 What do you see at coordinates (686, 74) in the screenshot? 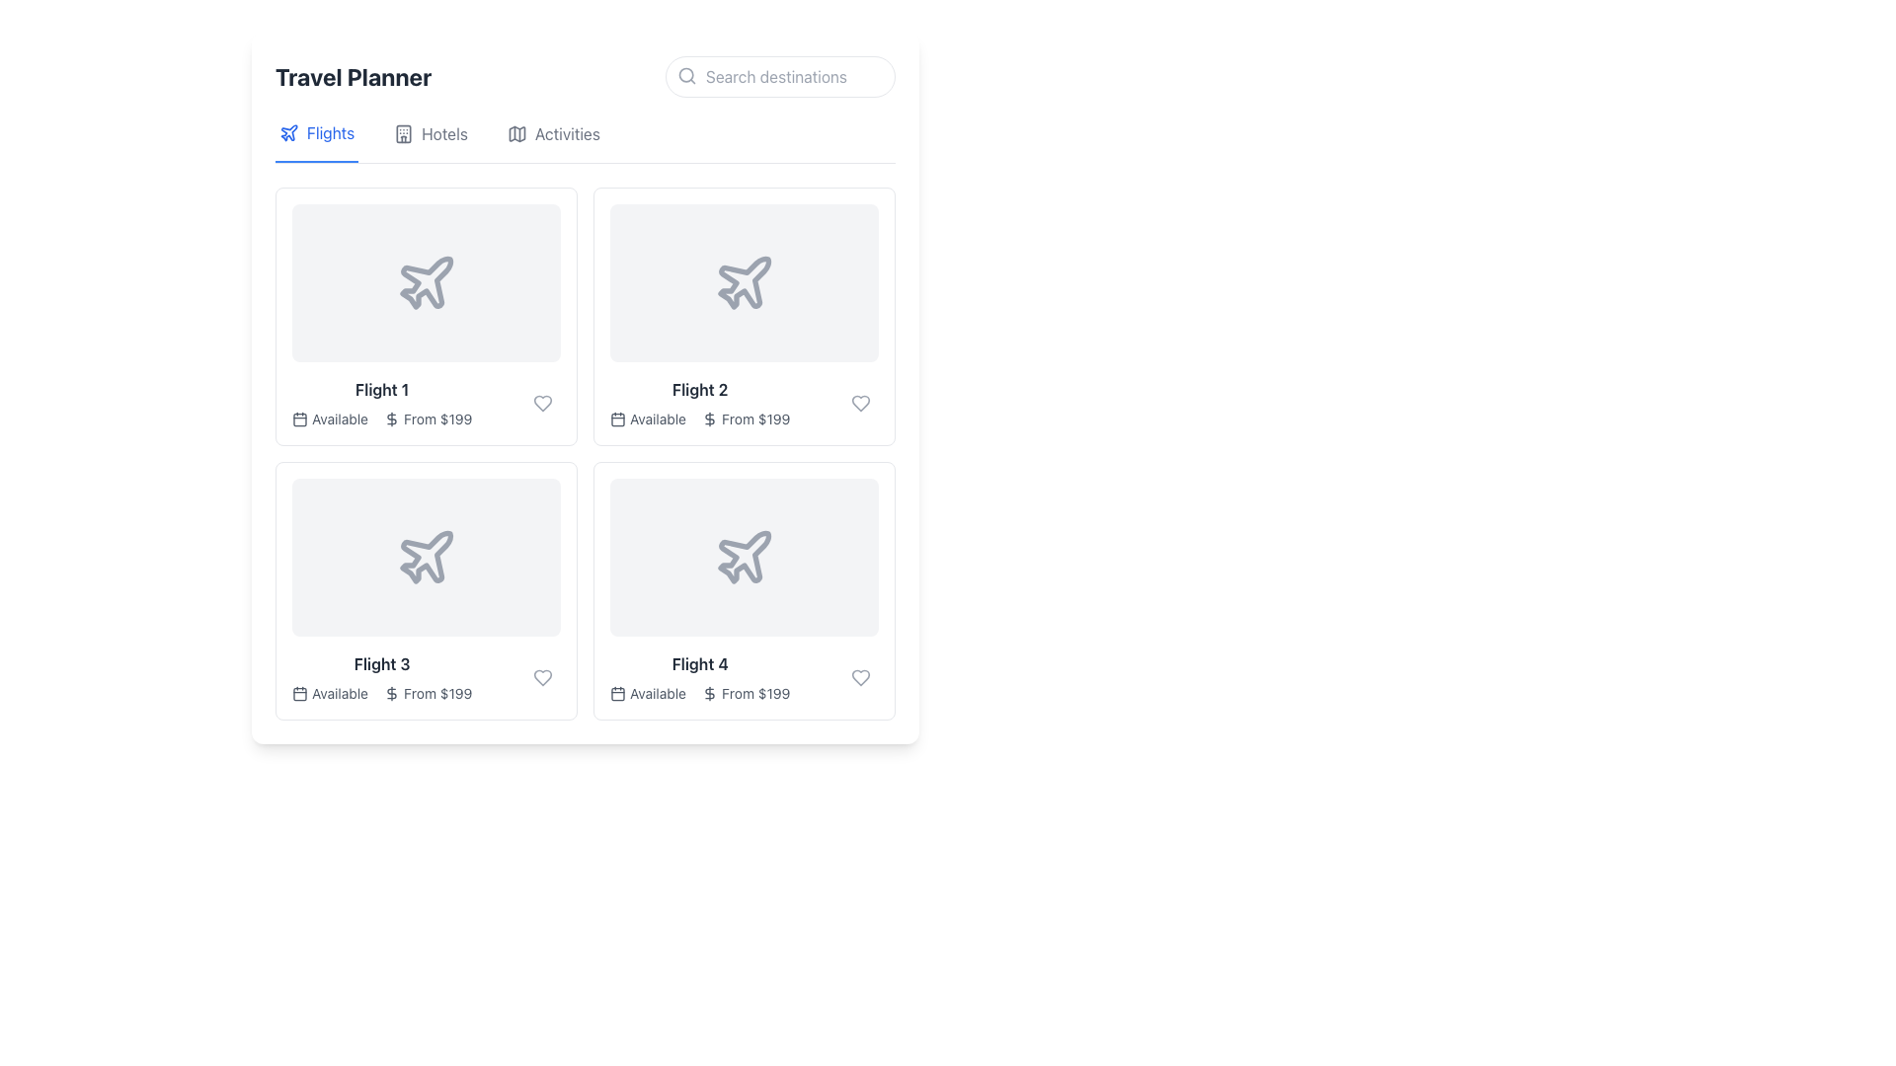
I see `the circular component of the magnifying glass within the search icon, which is located to the left of the input field labeled 'Search destinations'` at bounding box center [686, 74].